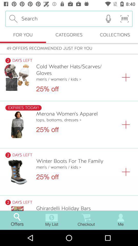  Describe the element at coordinates (108, 19) in the screenshot. I see `item next to the search icon` at that location.